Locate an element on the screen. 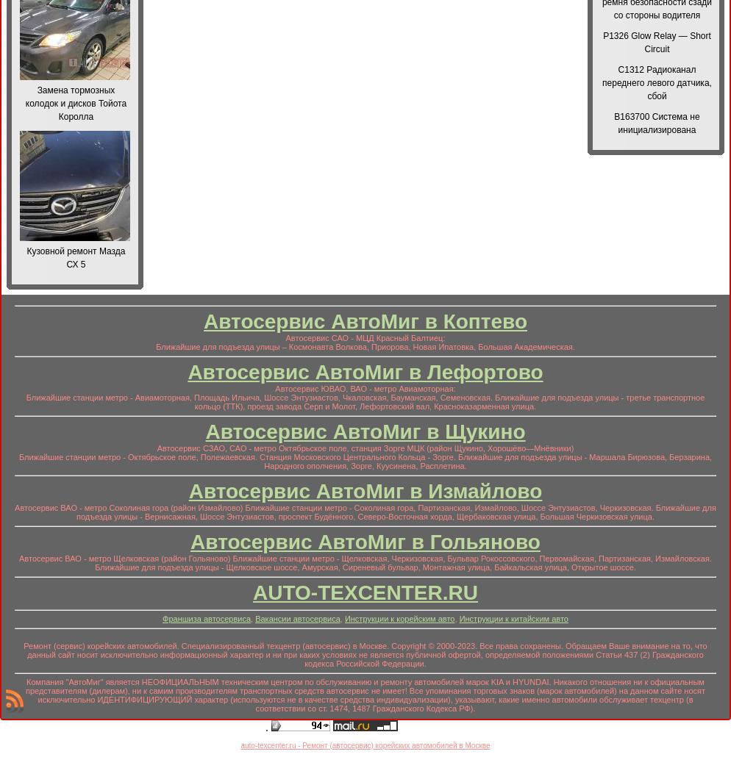 This screenshot has width=731, height=757. 'P1326 Glow Relay — Short Circuit' is located at coordinates (656, 42).